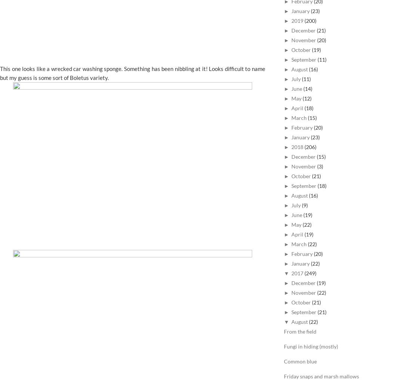  Describe the element at coordinates (319, 166) in the screenshot. I see `'(3)'` at that location.